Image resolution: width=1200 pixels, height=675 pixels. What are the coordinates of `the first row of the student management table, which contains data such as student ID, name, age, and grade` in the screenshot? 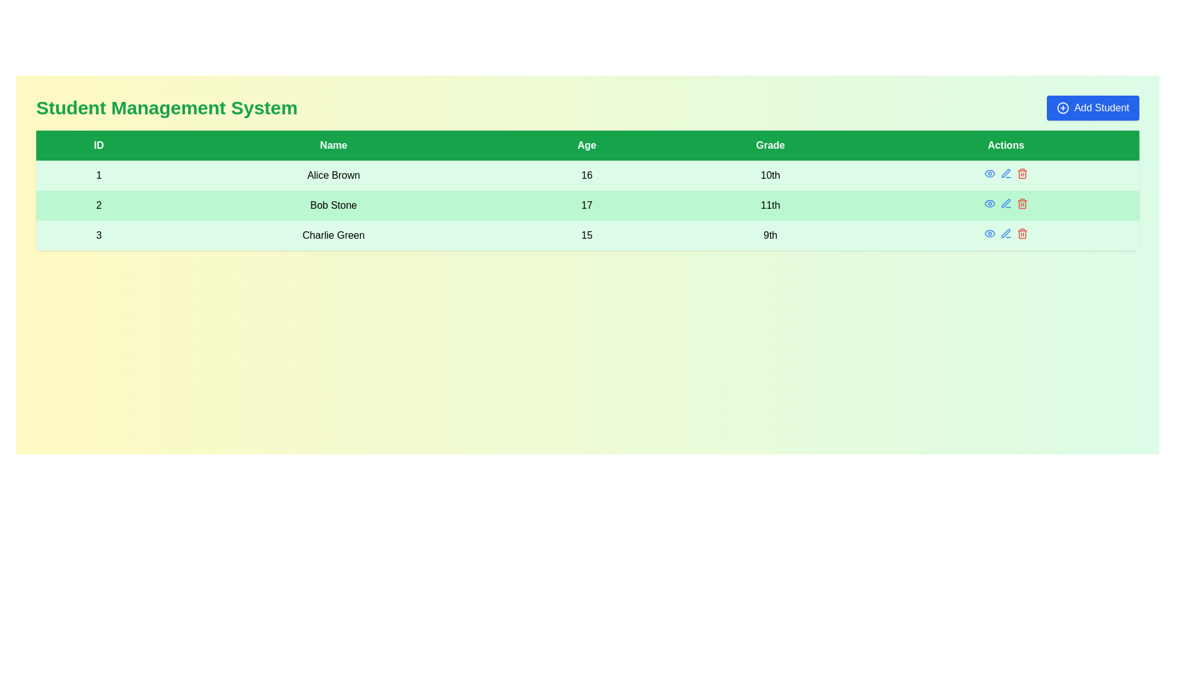 It's located at (587, 176).